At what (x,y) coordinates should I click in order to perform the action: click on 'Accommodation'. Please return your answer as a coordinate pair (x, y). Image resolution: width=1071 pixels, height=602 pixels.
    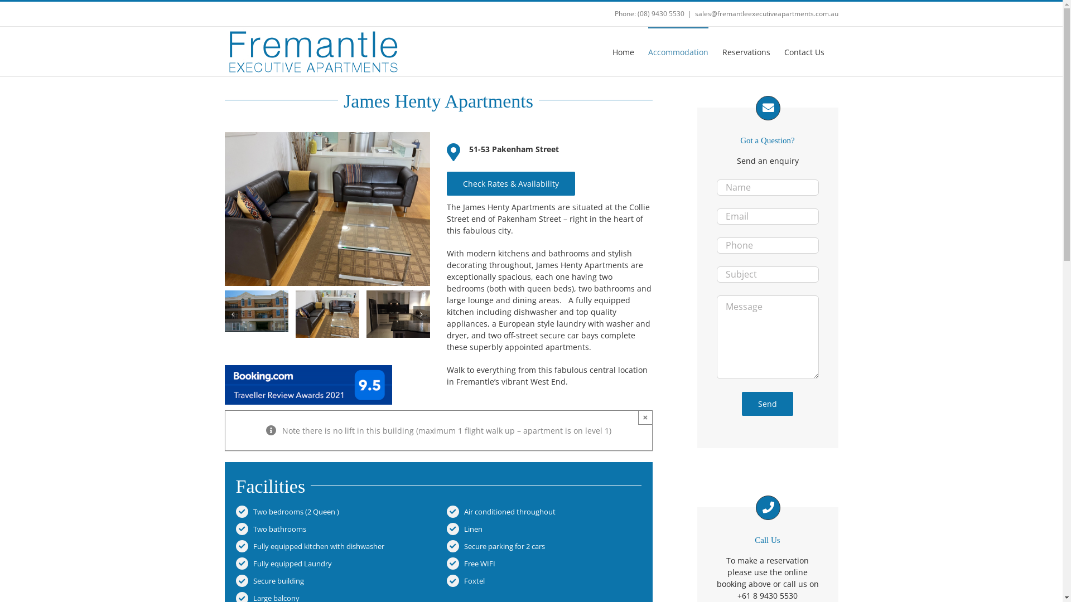
    Looking at the image, I should click on (648, 51).